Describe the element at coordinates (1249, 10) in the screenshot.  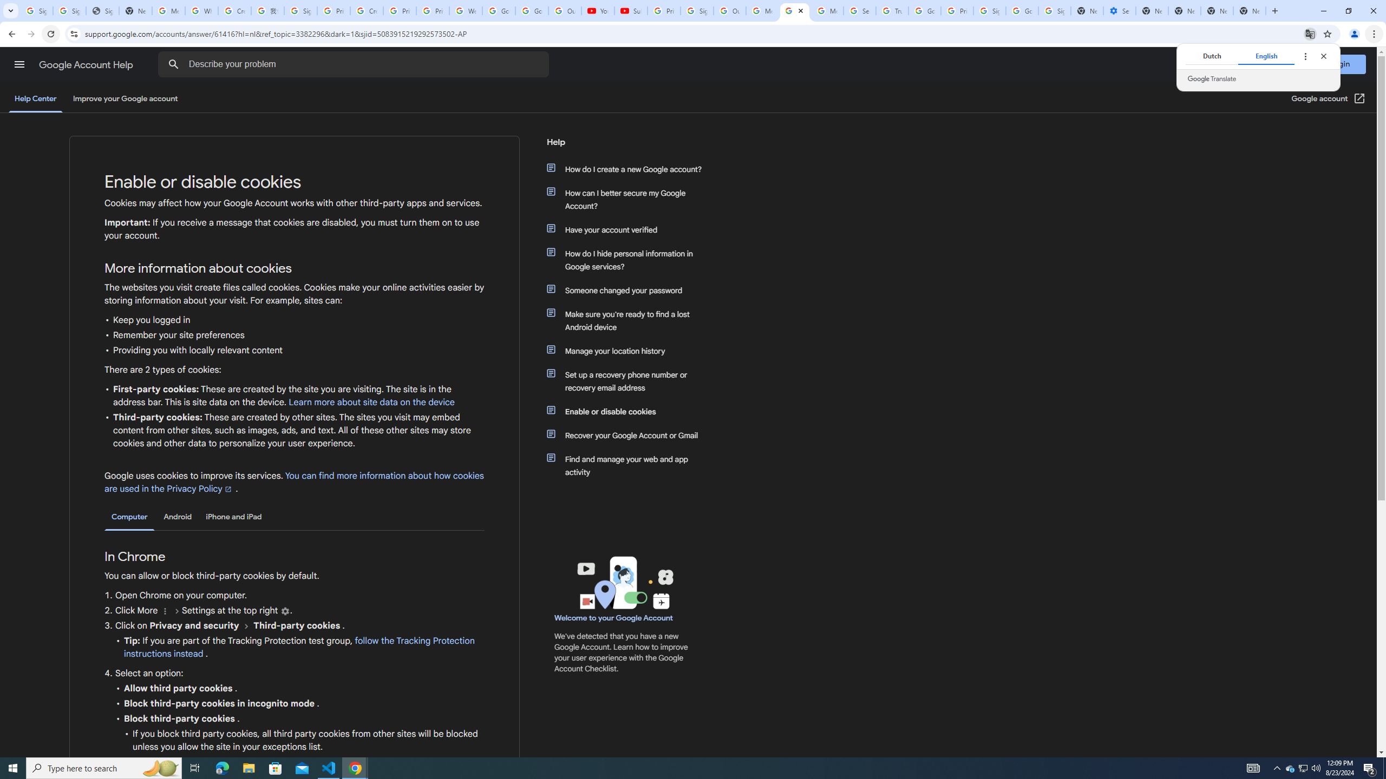
I see `'New Tab'` at that location.